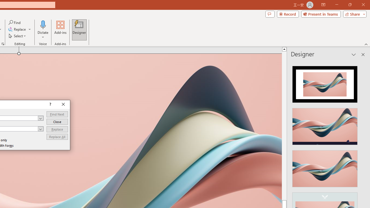 This screenshot has width=370, height=208. Describe the element at coordinates (57, 137) in the screenshot. I see `'Replace All'` at that location.